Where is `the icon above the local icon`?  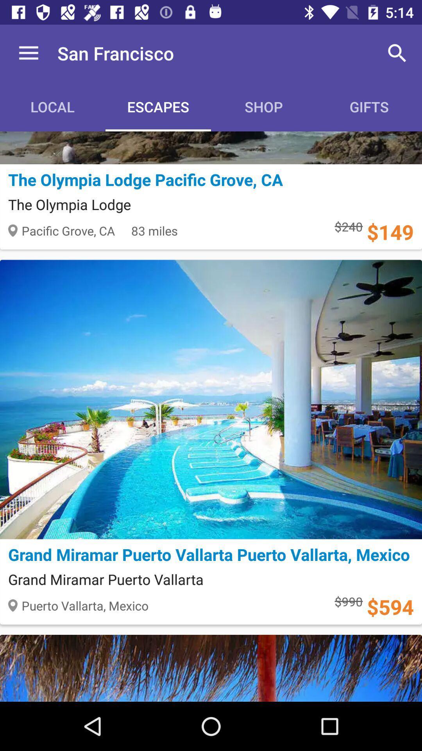 the icon above the local icon is located at coordinates (28, 53).